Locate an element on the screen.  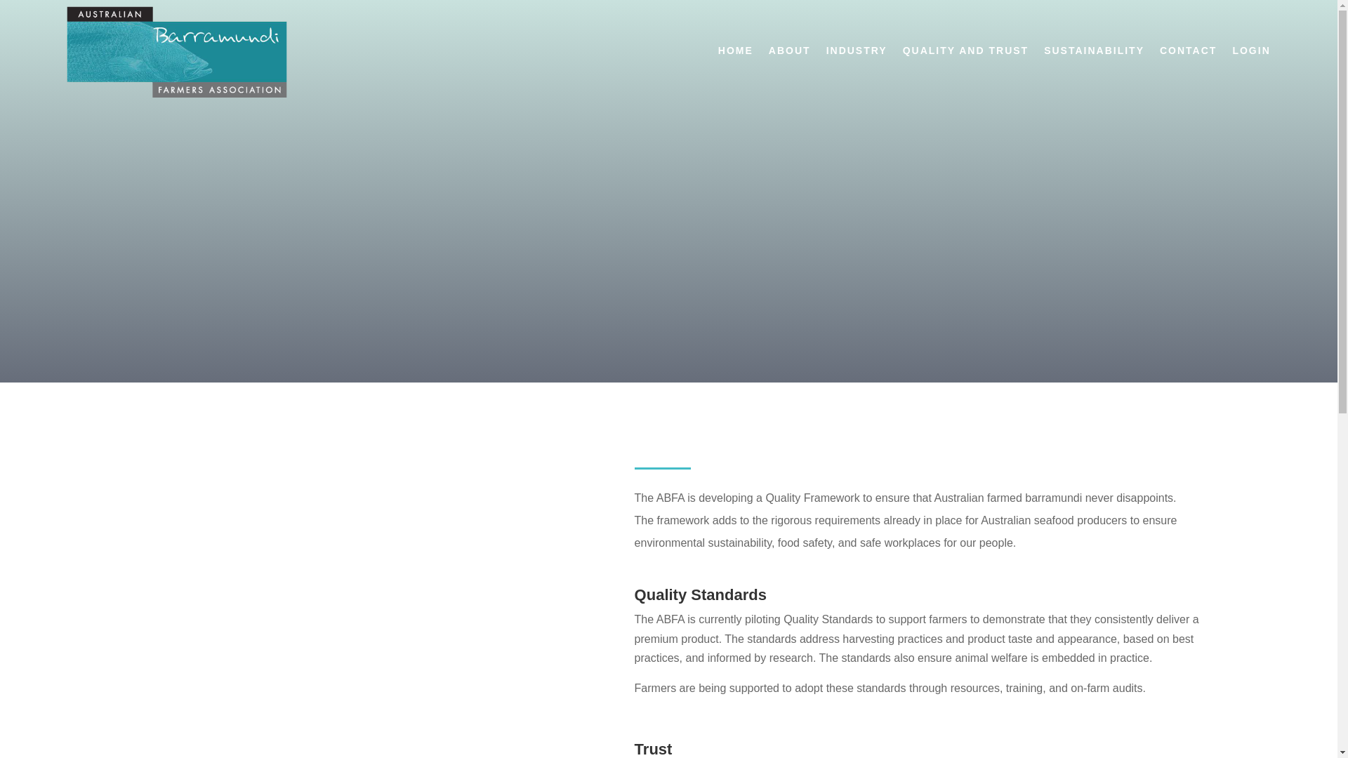
'CONTACT' is located at coordinates (1187, 50).